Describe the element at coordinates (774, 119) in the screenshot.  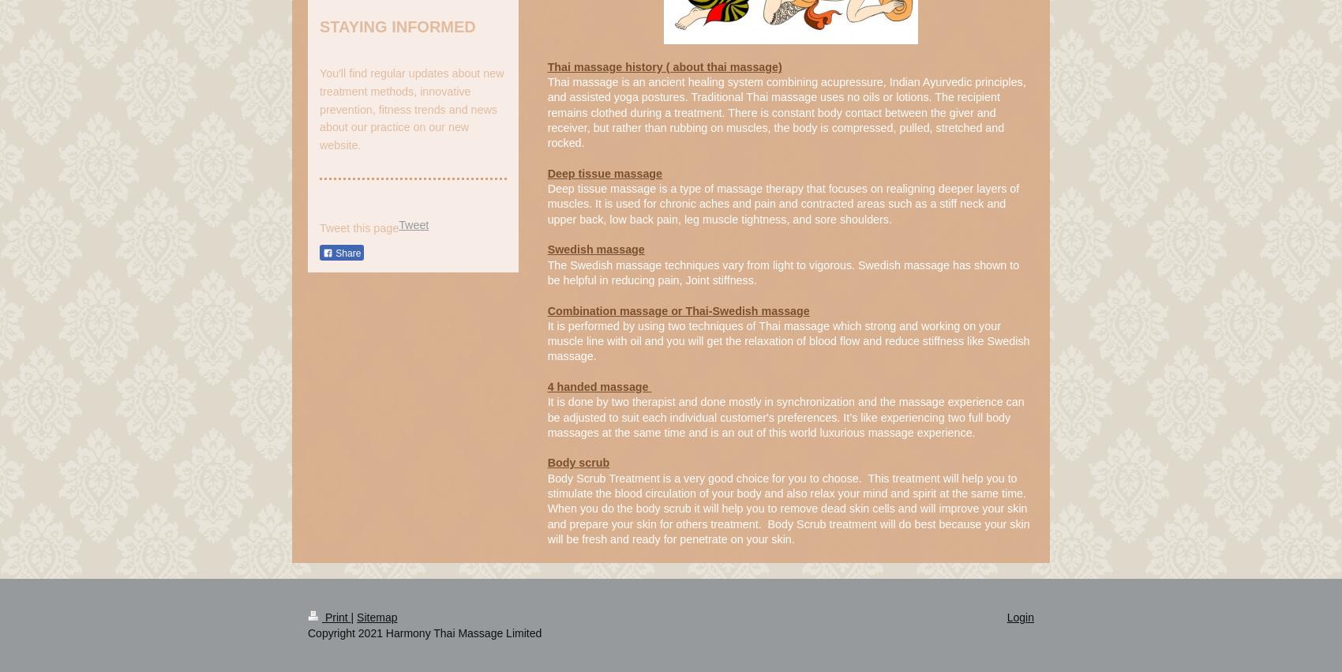
I see `'Traditional Thai massage uses no oils or lotions. The recipient remains clothed during a treatment. There is
constant body contact between the giver and receiver, but rather than rubbing on muscles, the body is compressed, pulled, stretched and rocked.'` at that location.